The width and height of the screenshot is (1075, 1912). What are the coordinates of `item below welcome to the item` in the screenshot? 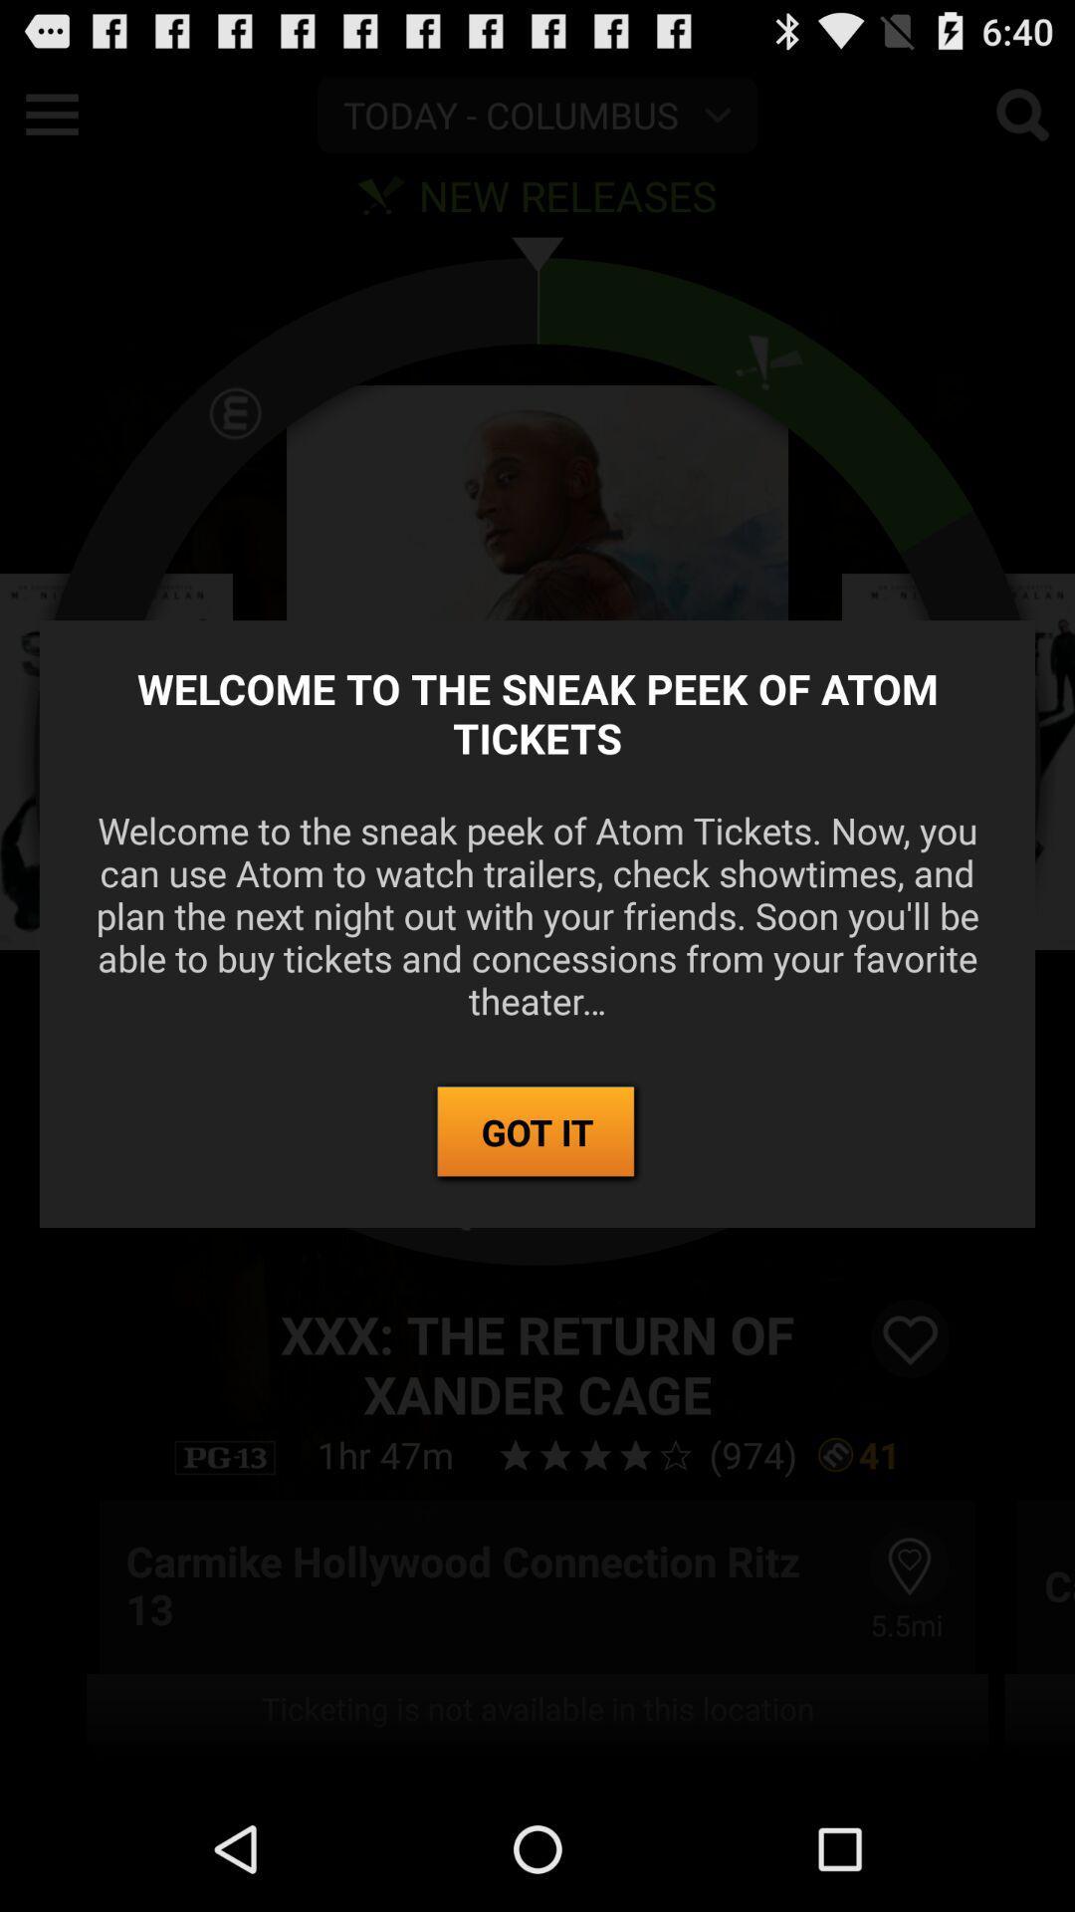 It's located at (537, 1133).